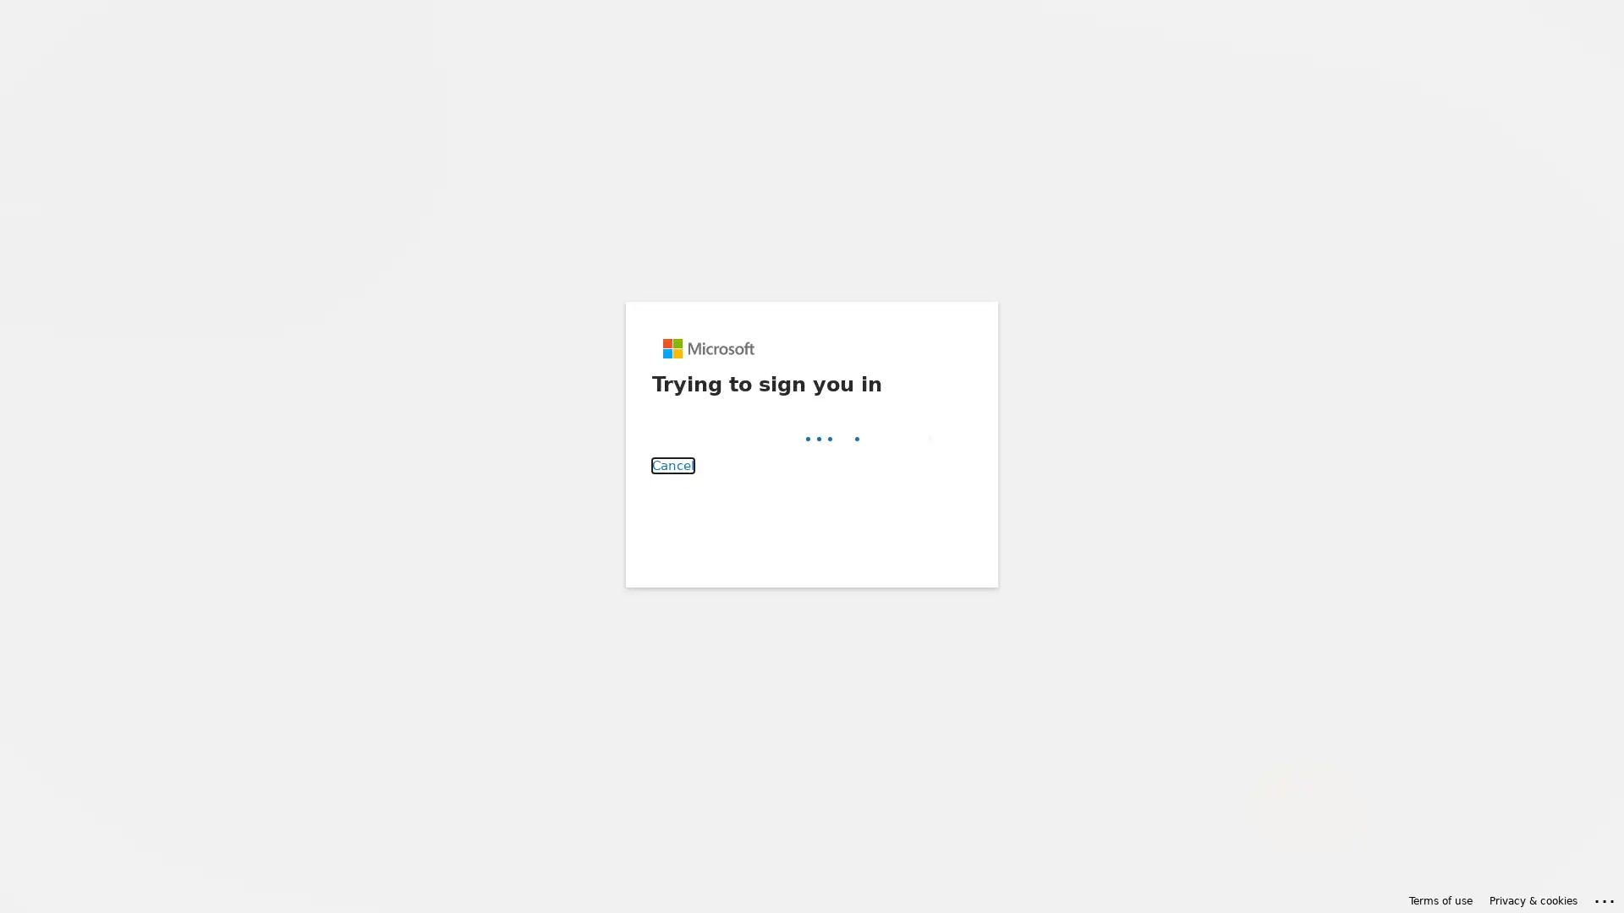 This screenshot has height=913, width=1624. What do you see at coordinates (820, 504) in the screenshot?
I see `Back` at bounding box center [820, 504].